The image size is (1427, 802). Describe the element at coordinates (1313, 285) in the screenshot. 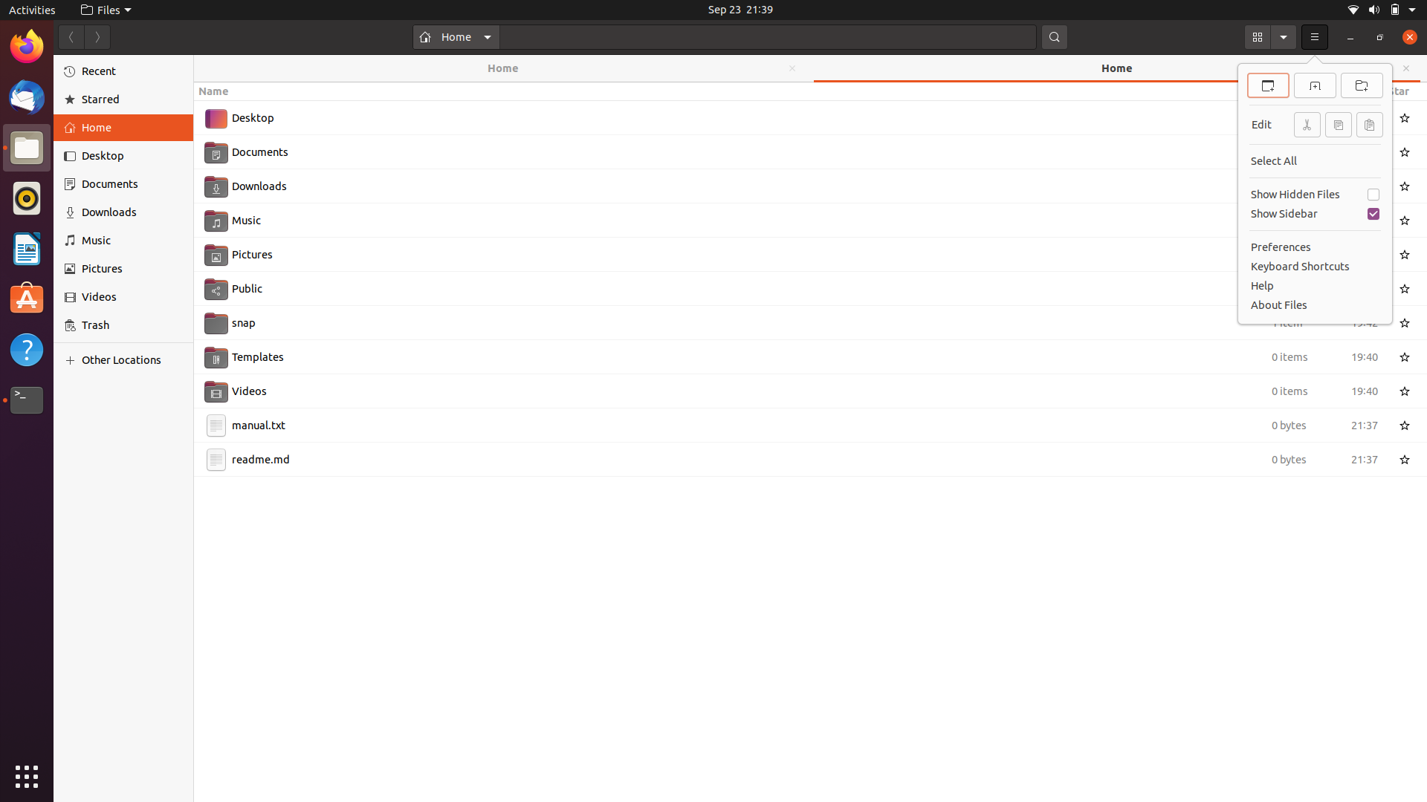

I see `the "Help" menu using mouse` at that location.